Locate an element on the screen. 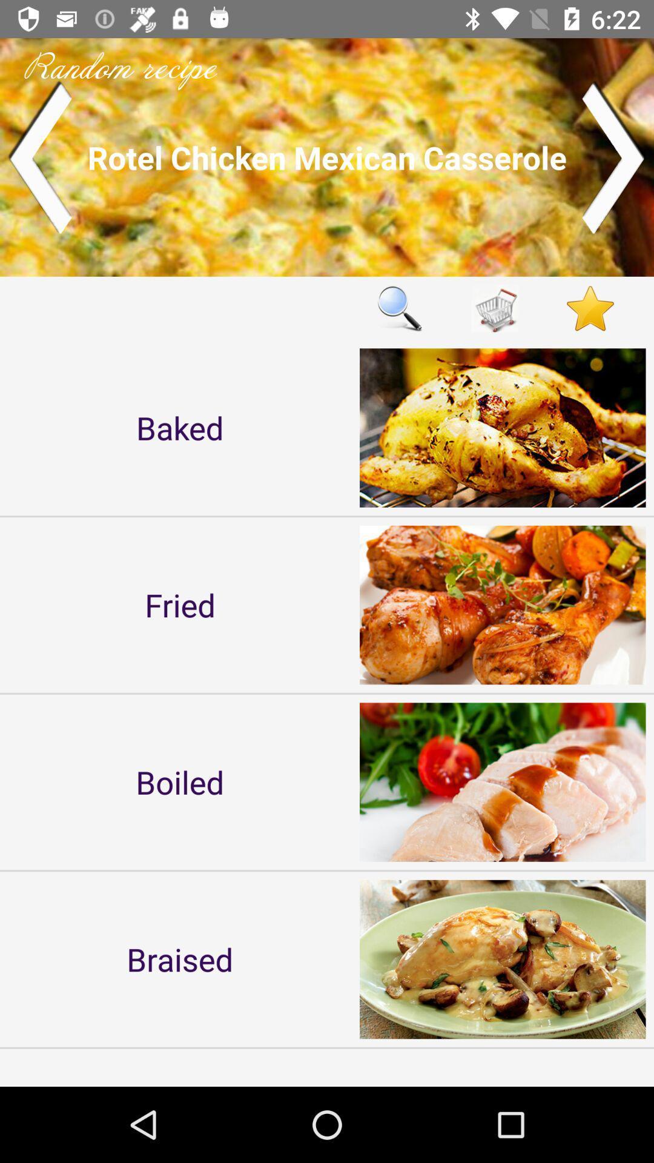  the previous recipe is located at coordinates (39, 156).